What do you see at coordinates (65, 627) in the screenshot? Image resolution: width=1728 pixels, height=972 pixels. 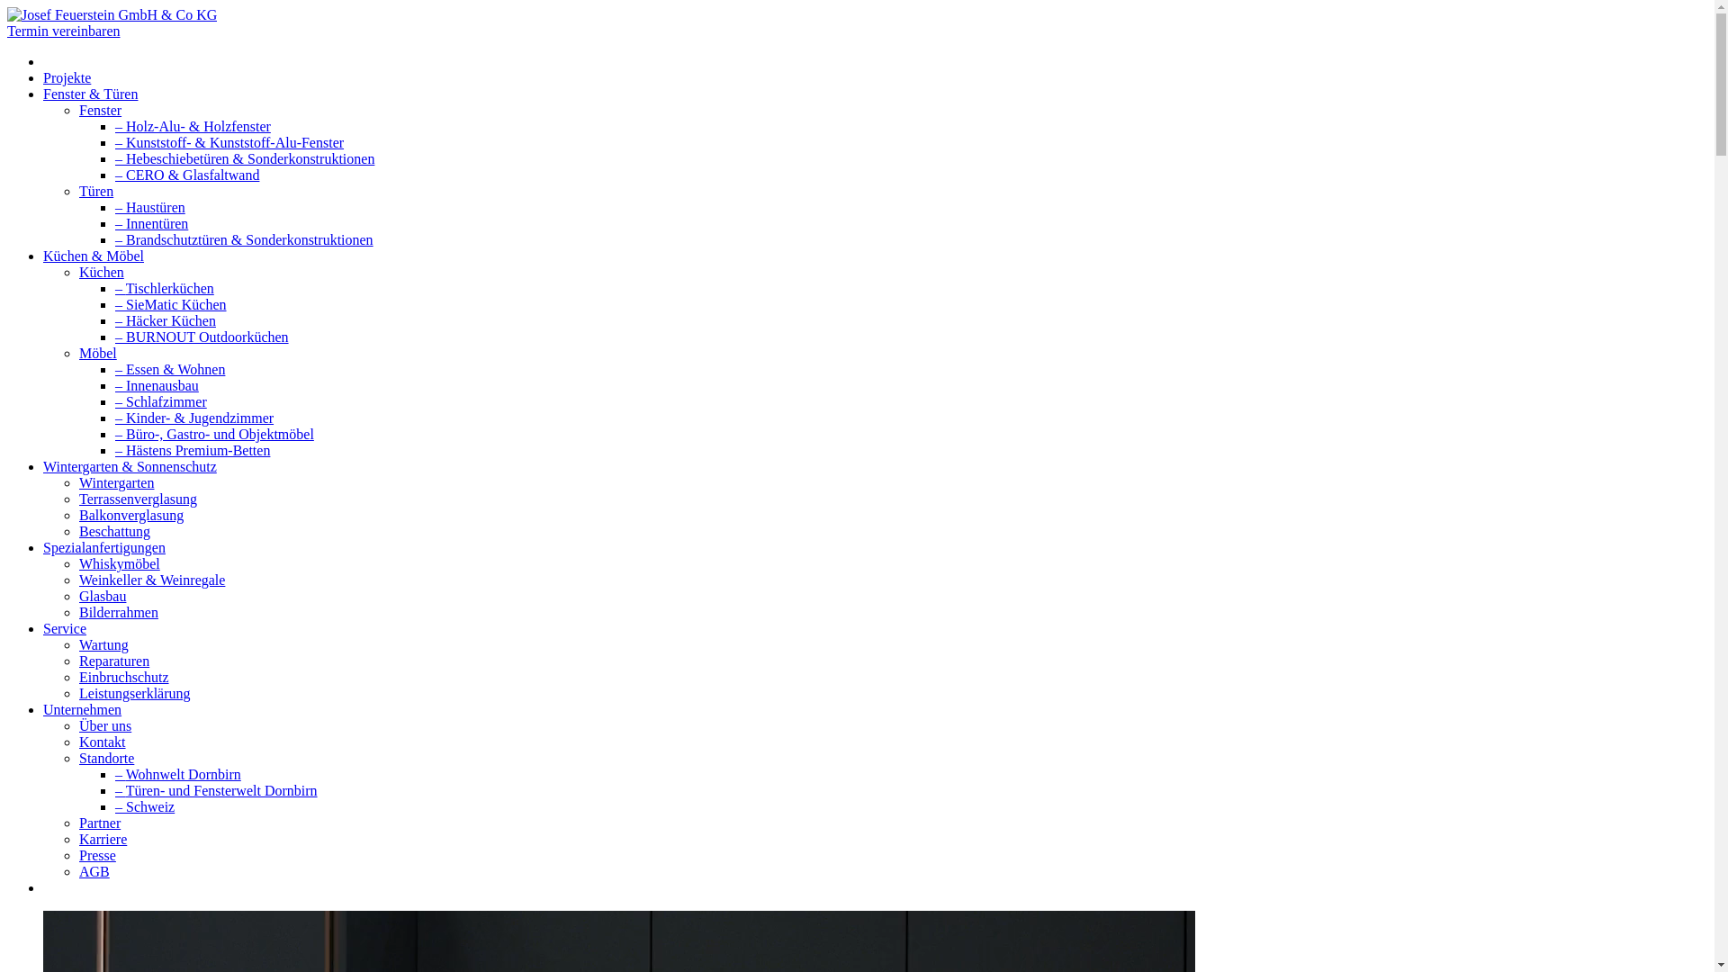 I see `'Service'` at bounding box center [65, 627].